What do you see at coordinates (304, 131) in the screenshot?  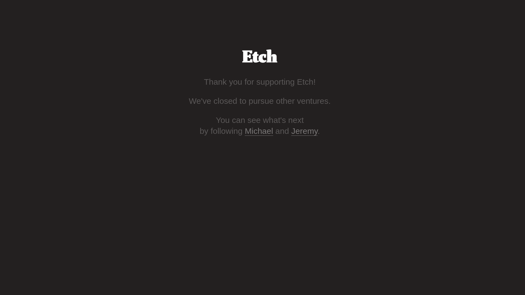 I see `'Jeremy'` at bounding box center [304, 131].